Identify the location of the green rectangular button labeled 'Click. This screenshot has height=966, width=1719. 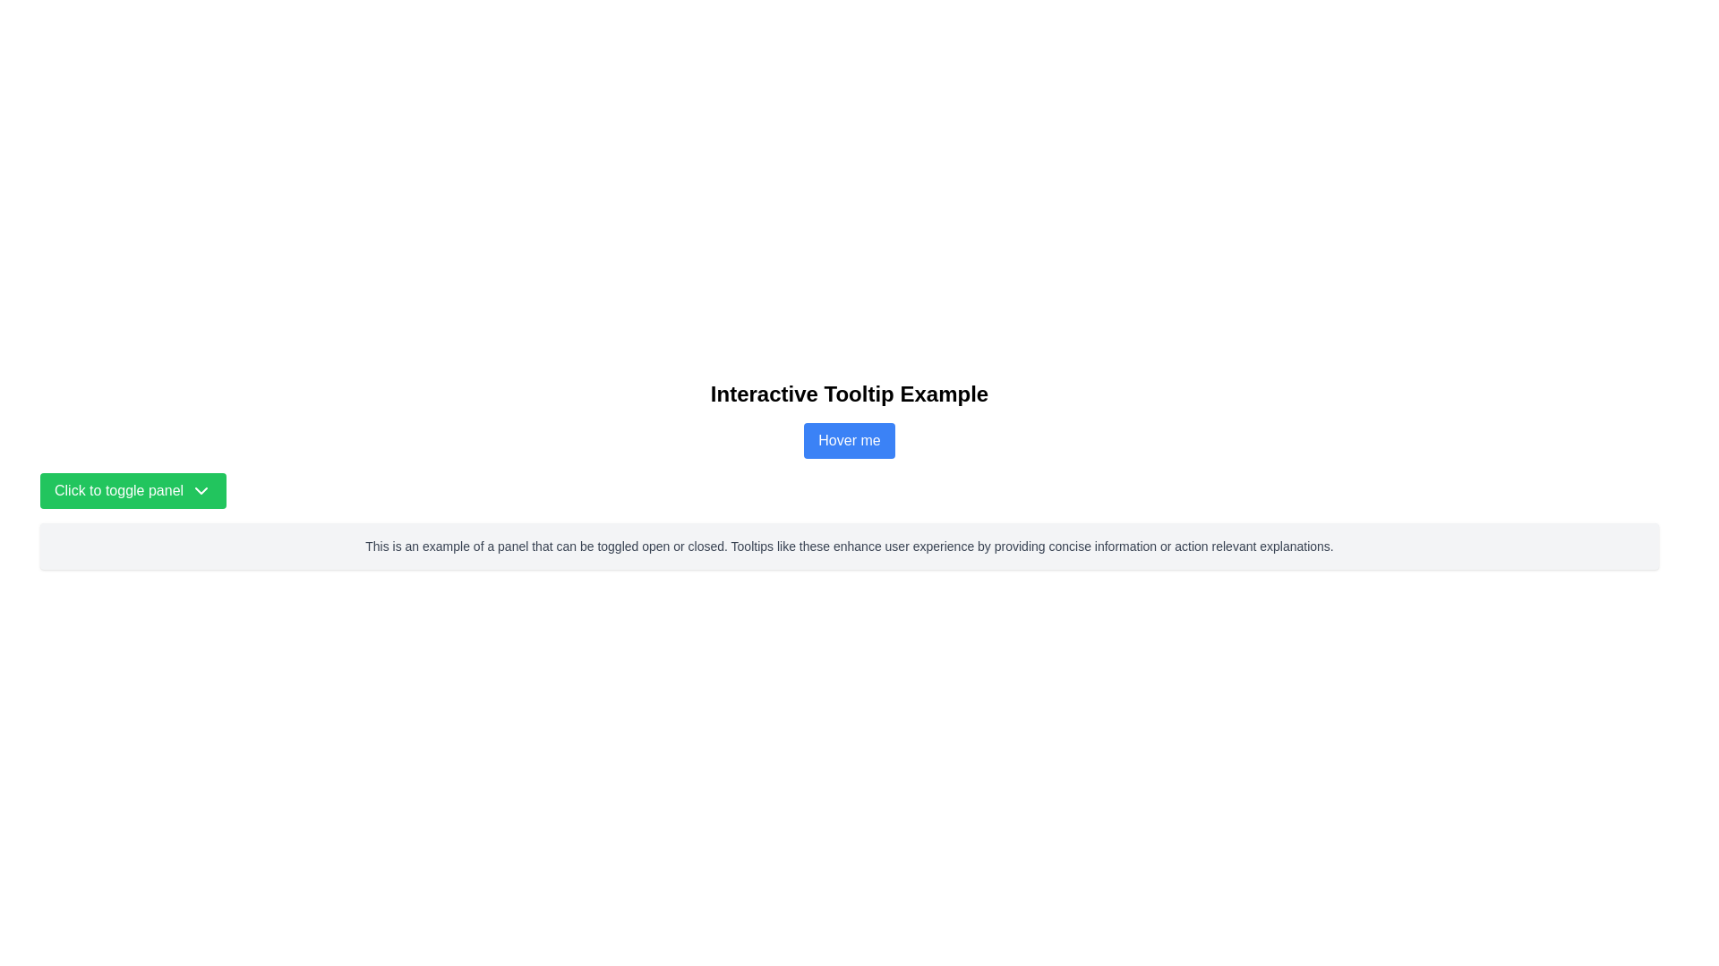
(132, 490).